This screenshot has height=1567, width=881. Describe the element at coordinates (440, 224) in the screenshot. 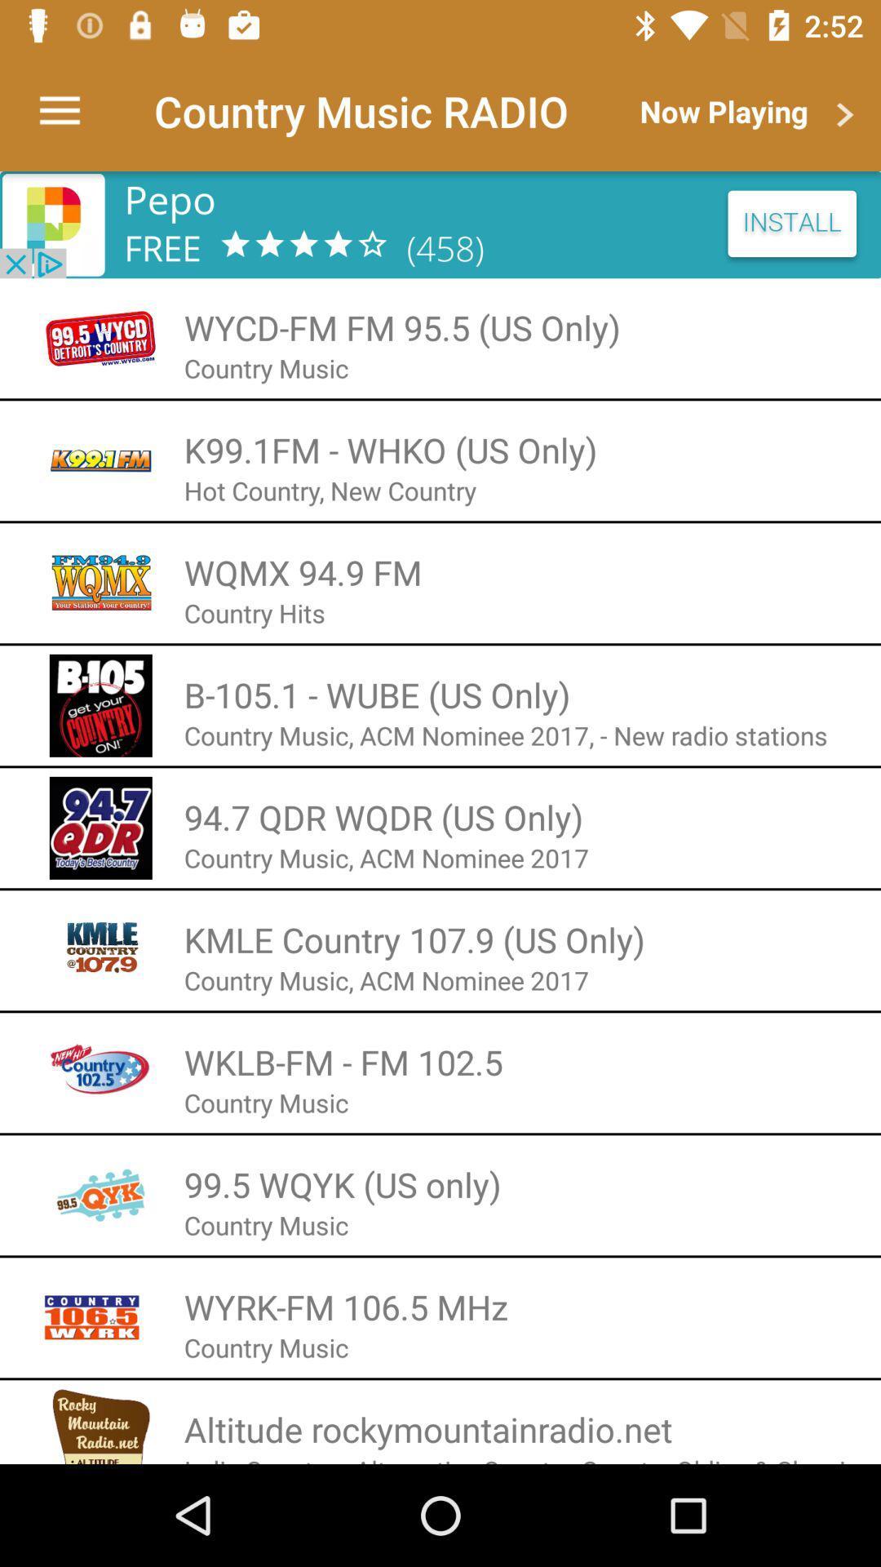

I see `install the station` at that location.